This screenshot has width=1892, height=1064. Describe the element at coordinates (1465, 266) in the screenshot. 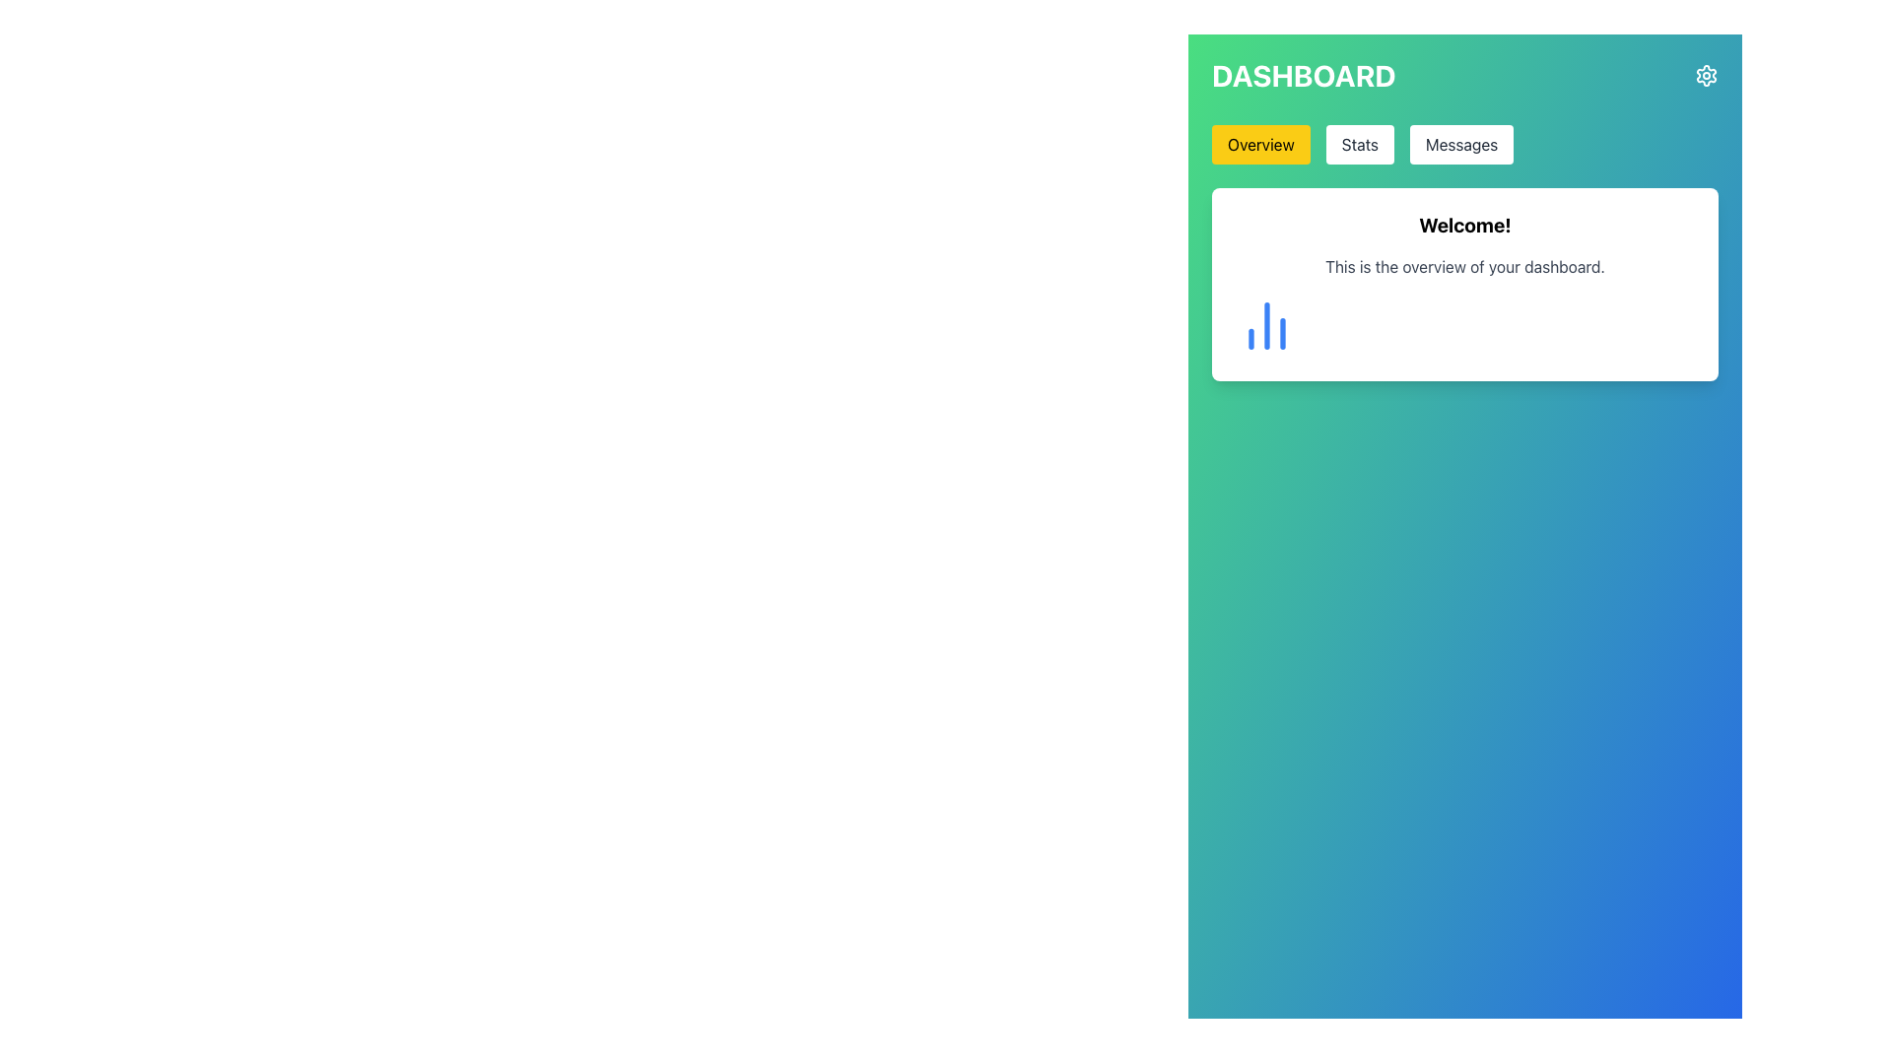

I see `the Text Label that reads 'This is the overview of your dashboard.' with a gray-colored font, positioned below the 'Welcome!' heading in the dashboard` at that location.